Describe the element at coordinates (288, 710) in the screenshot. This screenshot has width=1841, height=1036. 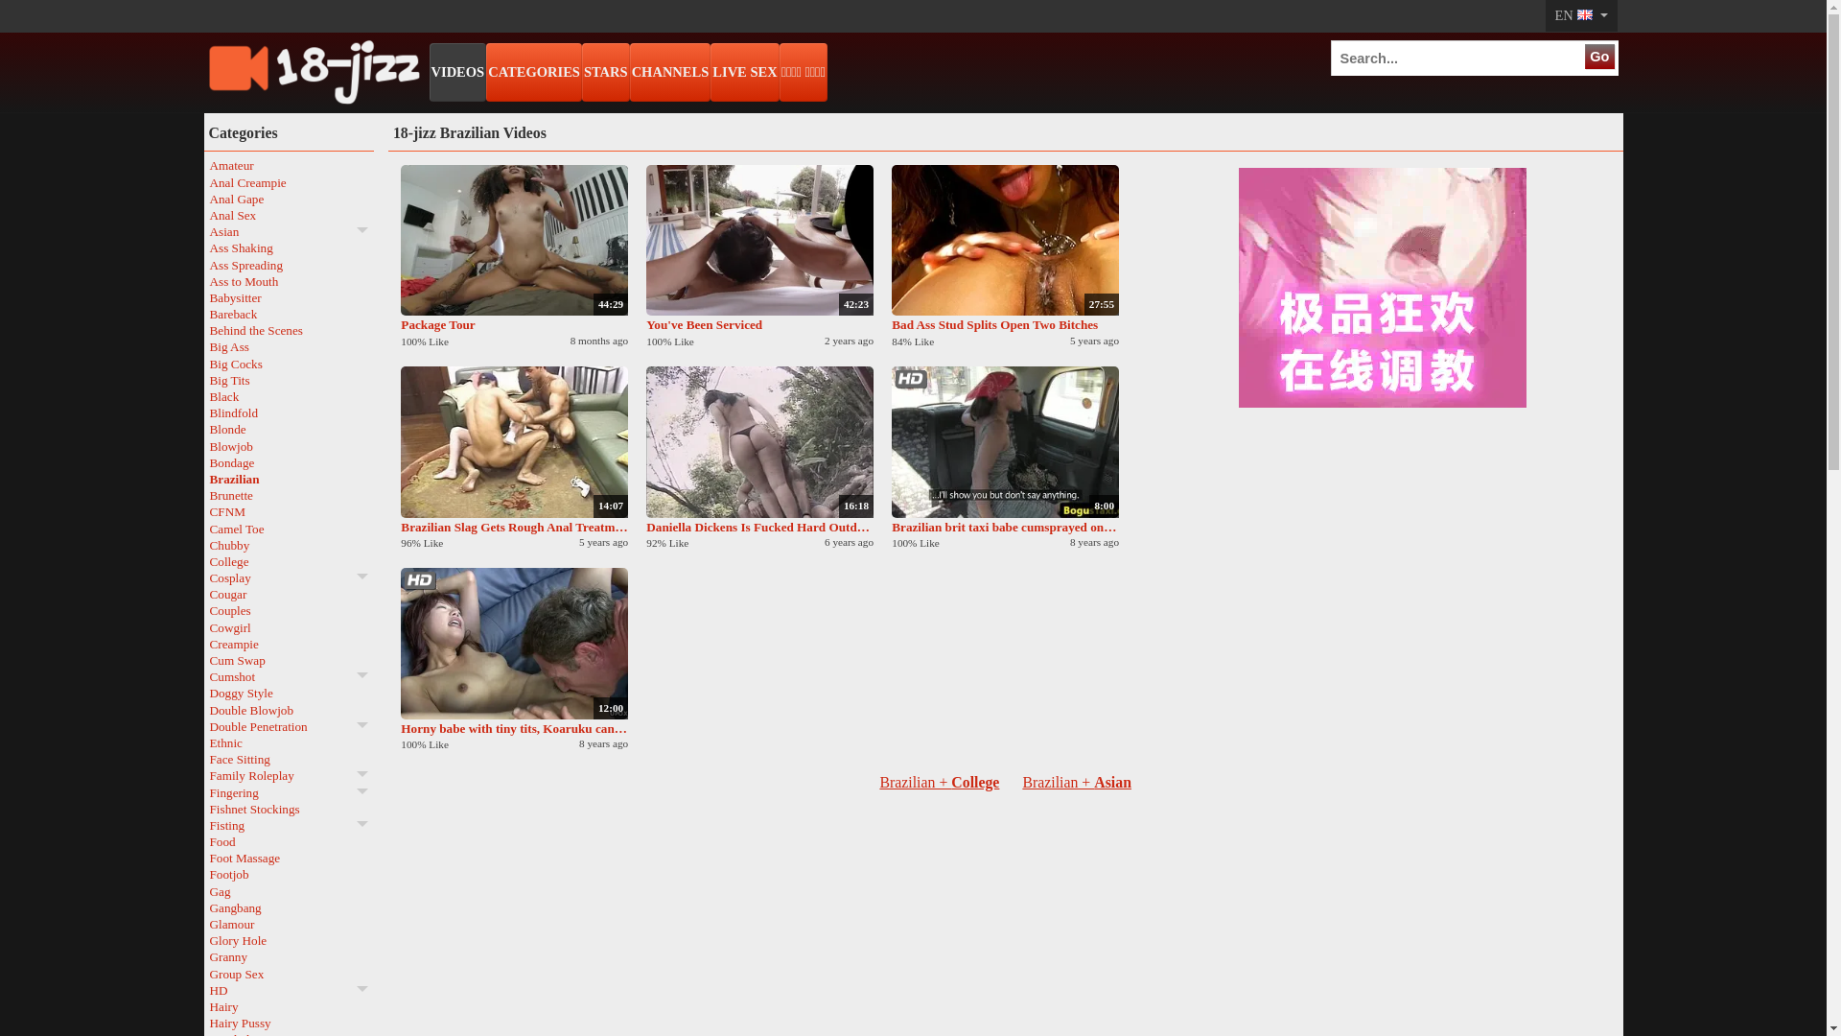
I see `'Double Blowjob'` at that location.